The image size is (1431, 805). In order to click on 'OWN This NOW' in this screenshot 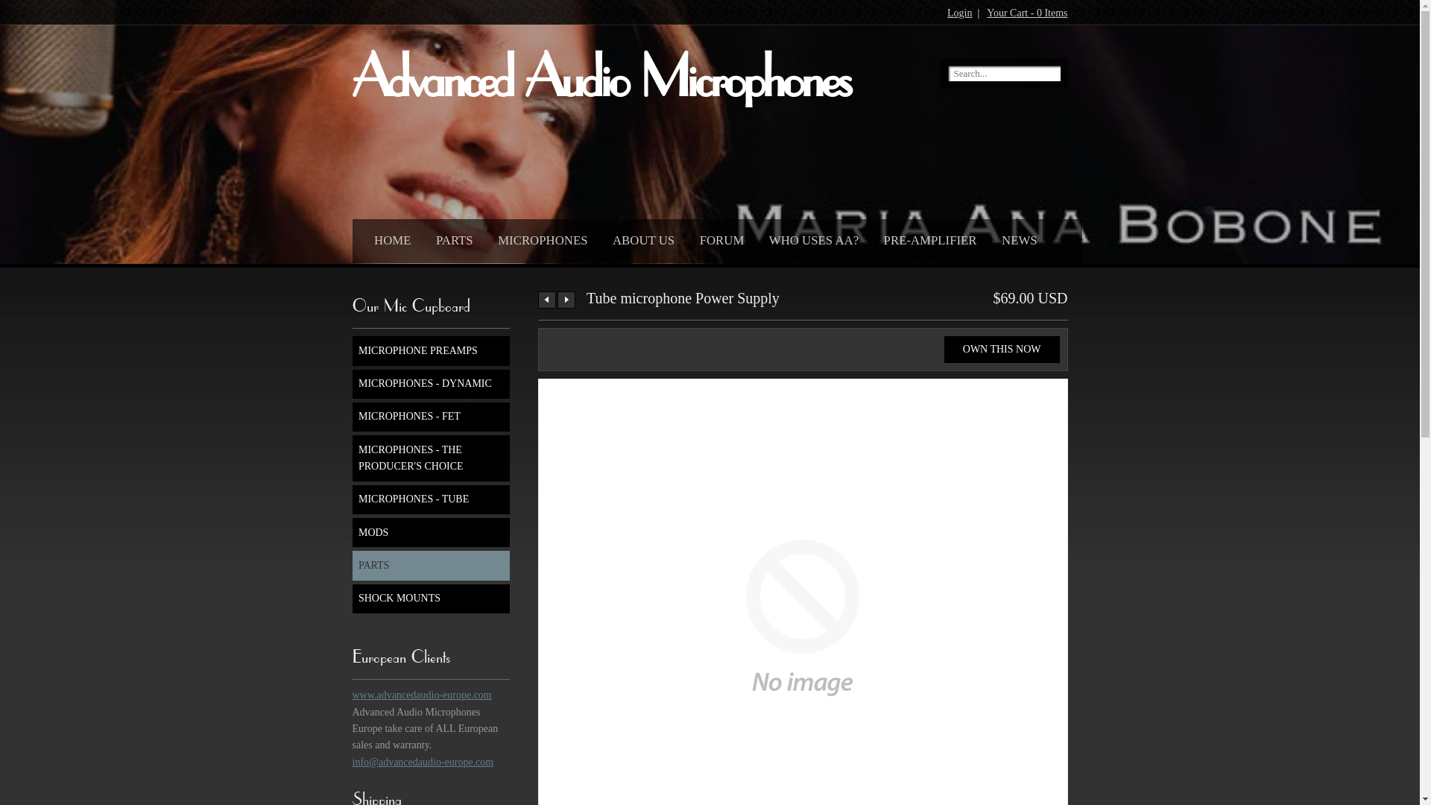, I will do `click(1002, 350)`.